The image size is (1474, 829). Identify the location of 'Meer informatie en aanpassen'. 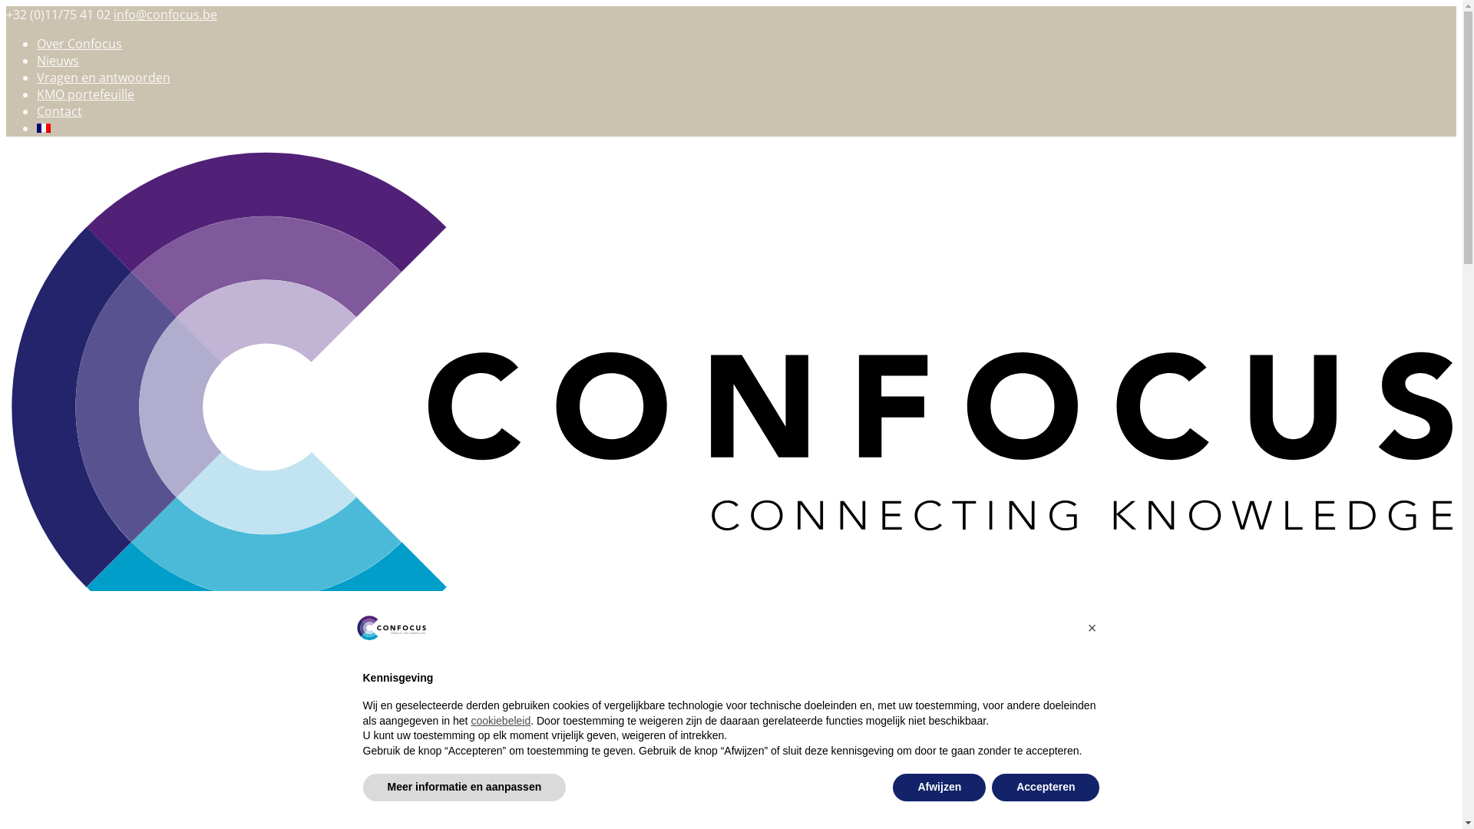
(463, 788).